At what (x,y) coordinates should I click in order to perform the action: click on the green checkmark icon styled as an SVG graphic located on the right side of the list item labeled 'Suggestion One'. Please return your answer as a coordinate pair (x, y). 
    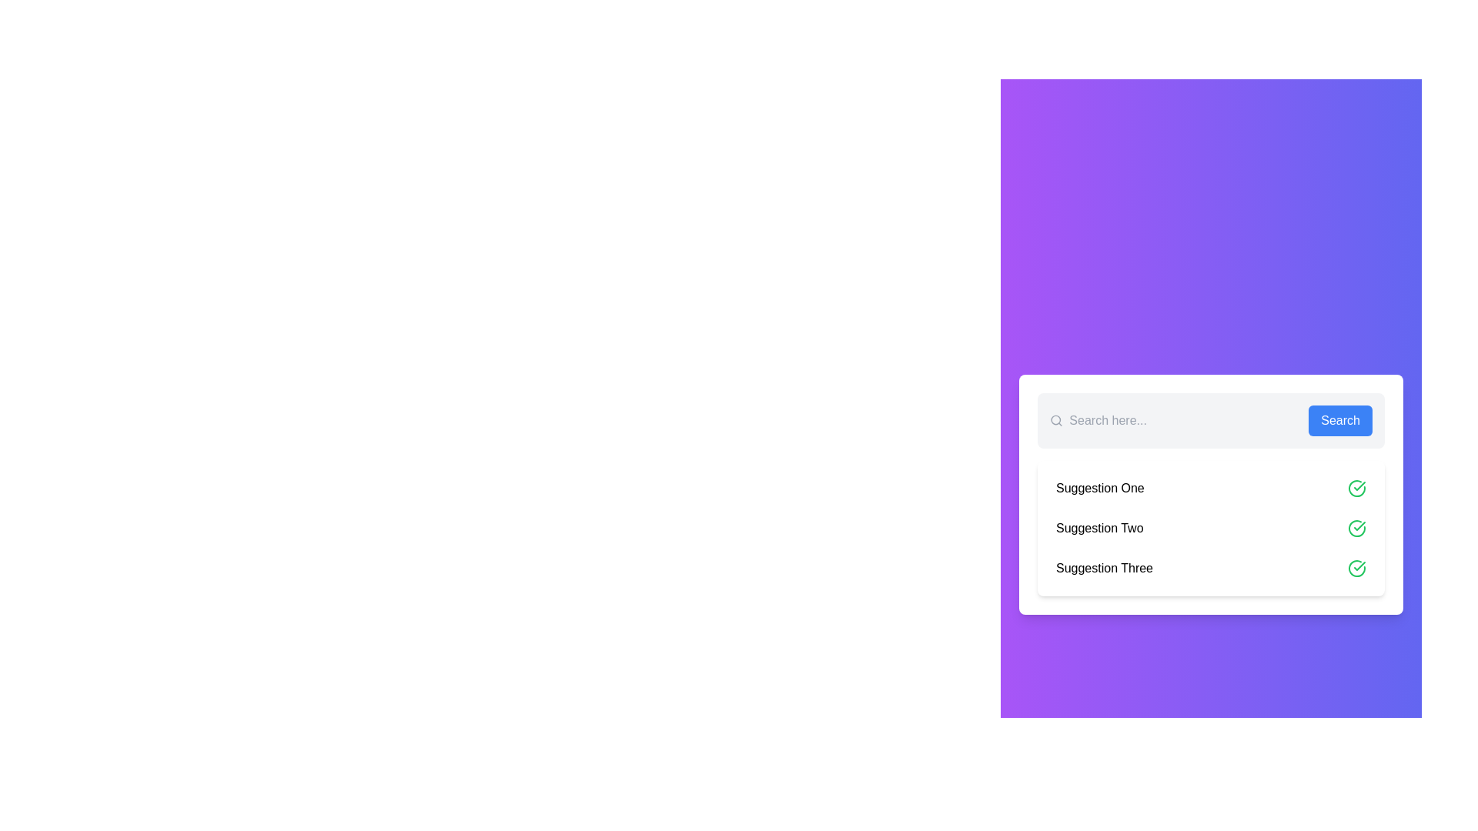
    Looking at the image, I should click on (1356, 489).